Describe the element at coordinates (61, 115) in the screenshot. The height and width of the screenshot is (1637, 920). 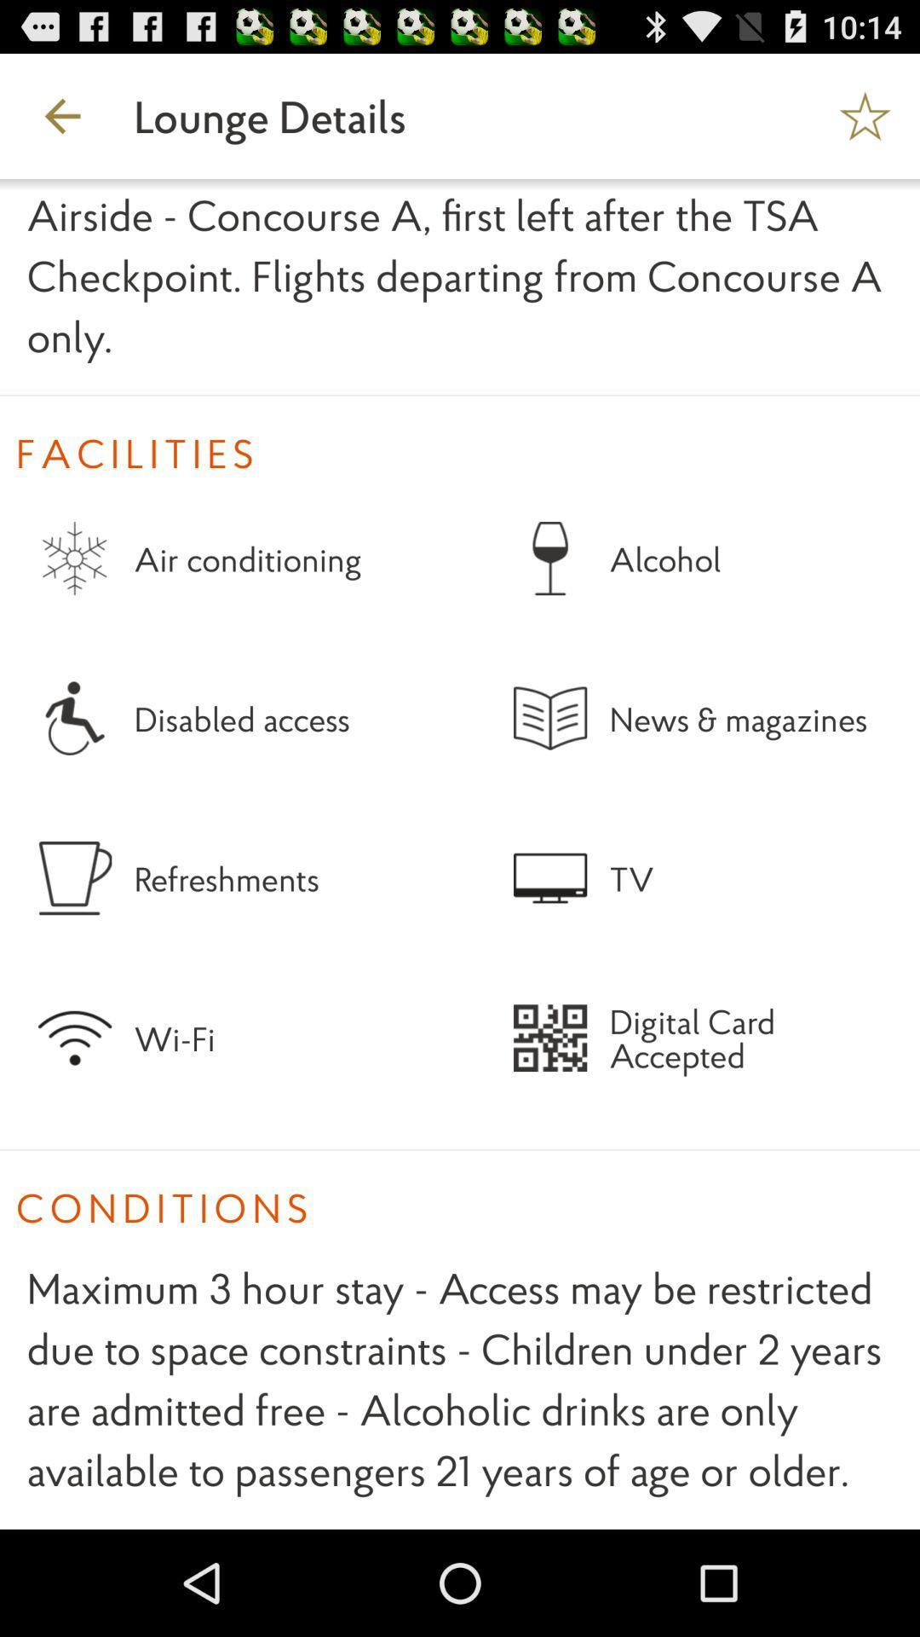
I see `the icon to the left of the lounge details icon` at that location.